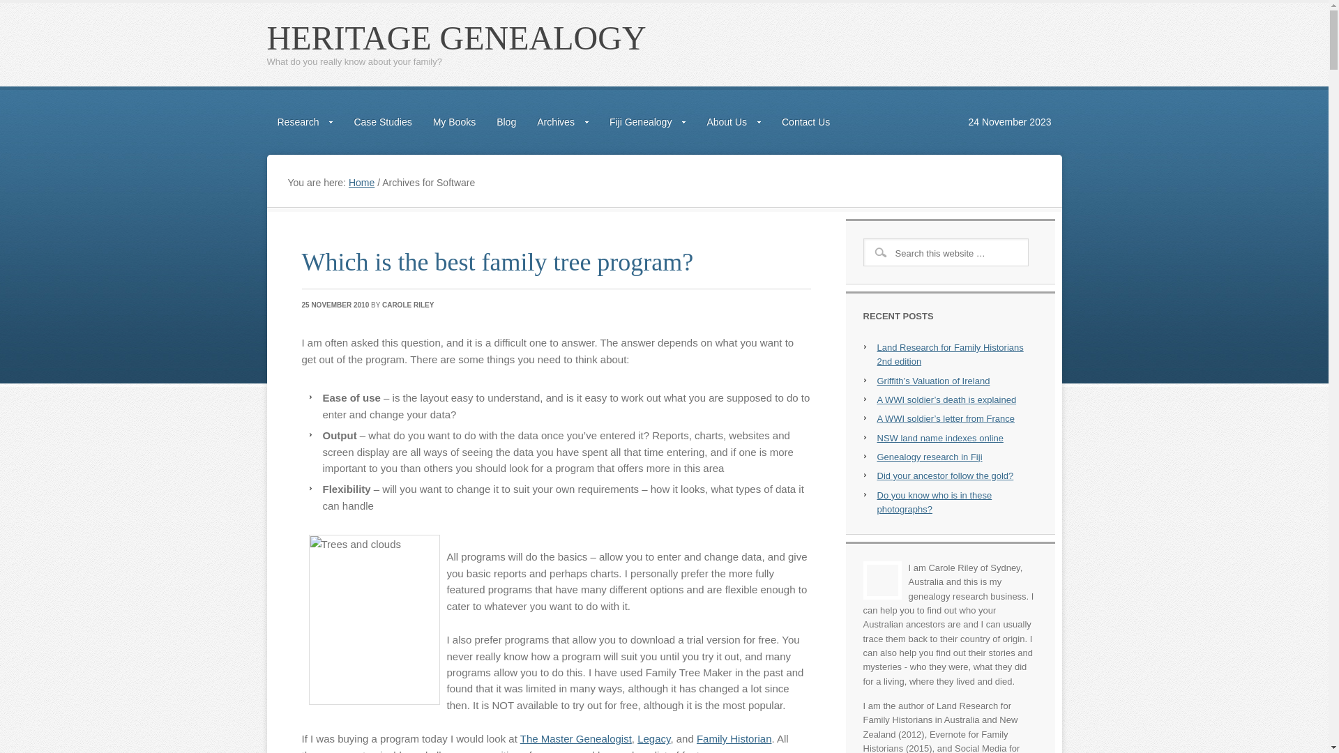 The image size is (1339, 753). What do you see at coordinates (935, 501) in the screenshot?
I see `'Do you know who is in these photographs?'` at bounding box center [935, 501].